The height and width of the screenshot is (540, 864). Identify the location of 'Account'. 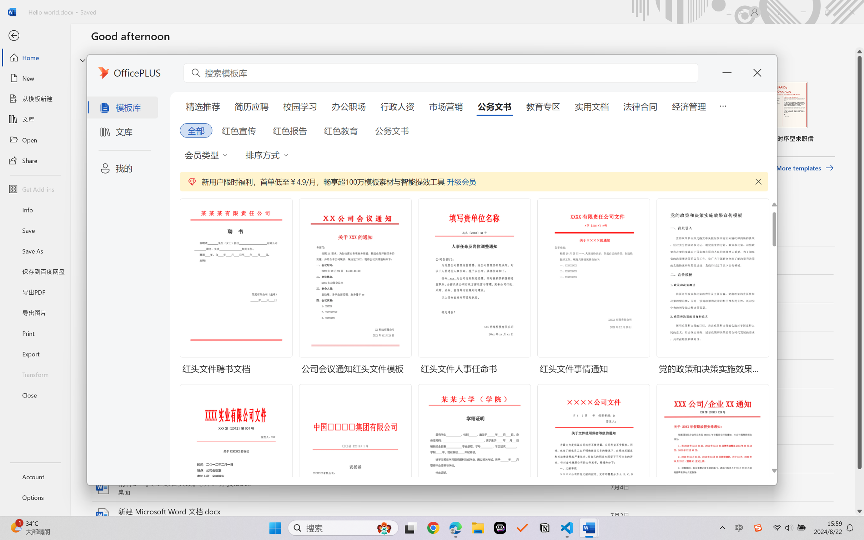
(35, 476).